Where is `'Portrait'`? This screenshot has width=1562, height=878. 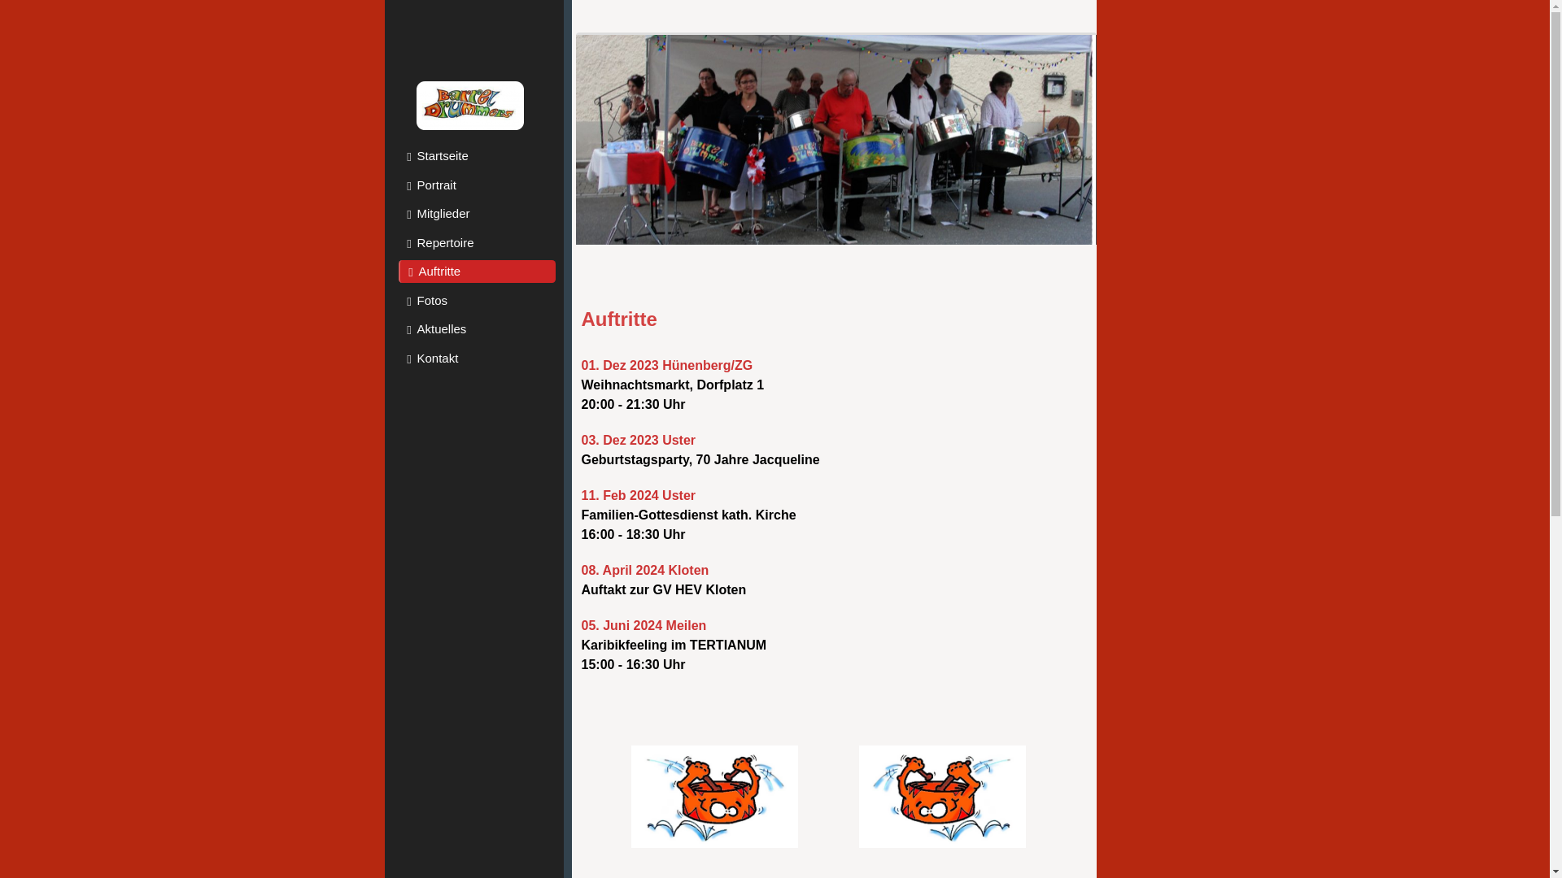 'Portrait' is located at coordinates (476, 184).